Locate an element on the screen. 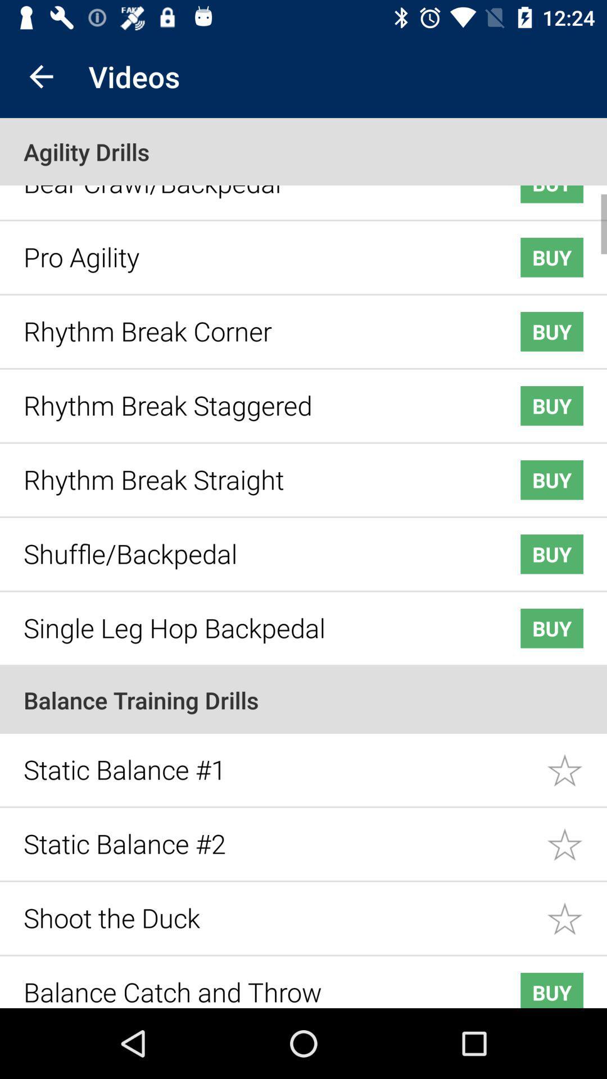 Image resolution: width=607 pixels, height=1079 pixels. shoot the duck icon is located at coordinates (278, 909).